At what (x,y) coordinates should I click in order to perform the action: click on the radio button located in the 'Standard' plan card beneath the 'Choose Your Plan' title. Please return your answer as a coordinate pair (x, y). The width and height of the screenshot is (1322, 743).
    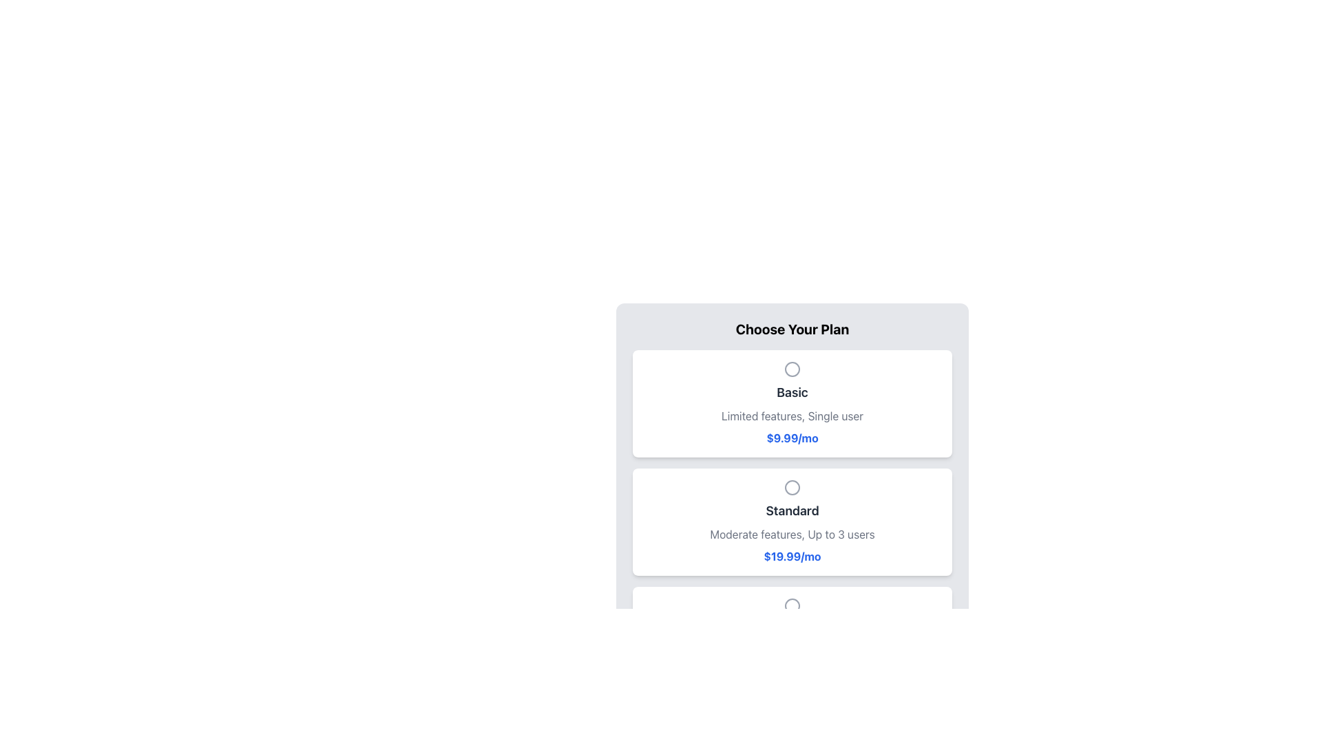
    Looking at the image, I should click on (793, 487).